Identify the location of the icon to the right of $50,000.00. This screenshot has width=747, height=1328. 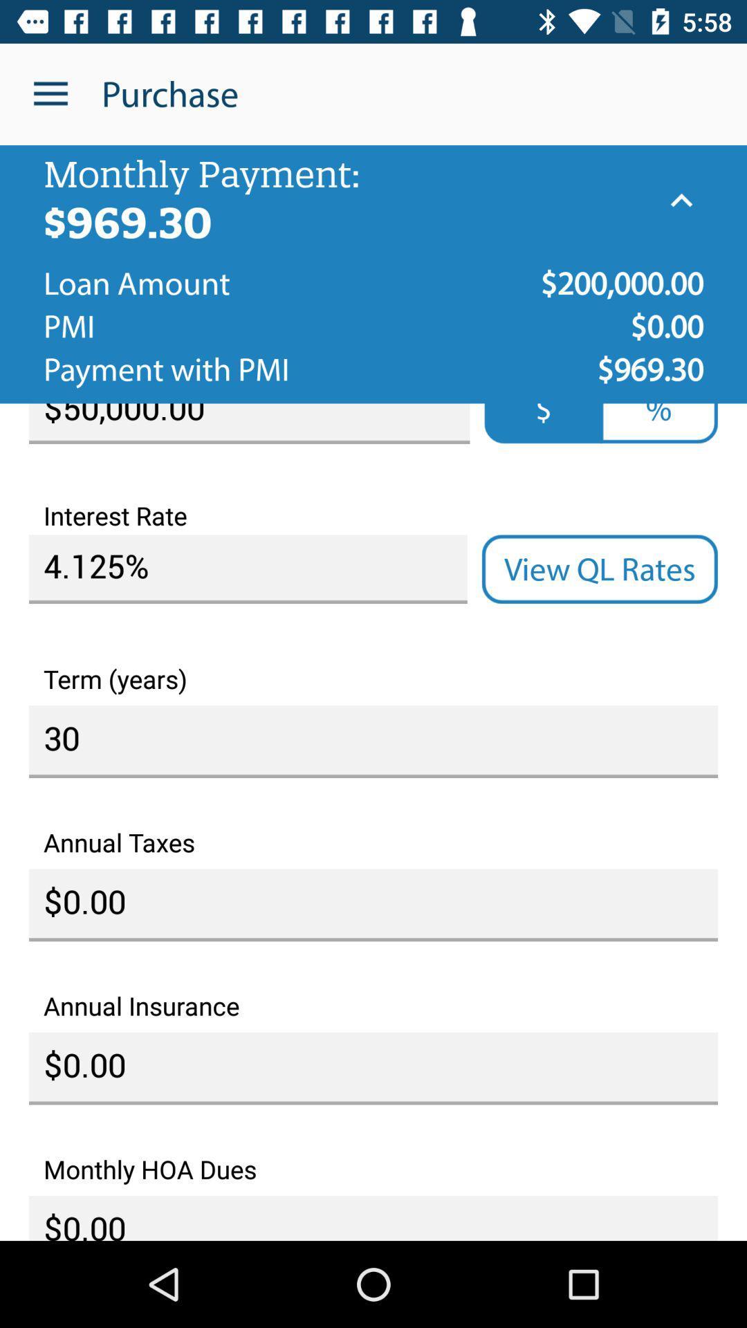
(658, 423).